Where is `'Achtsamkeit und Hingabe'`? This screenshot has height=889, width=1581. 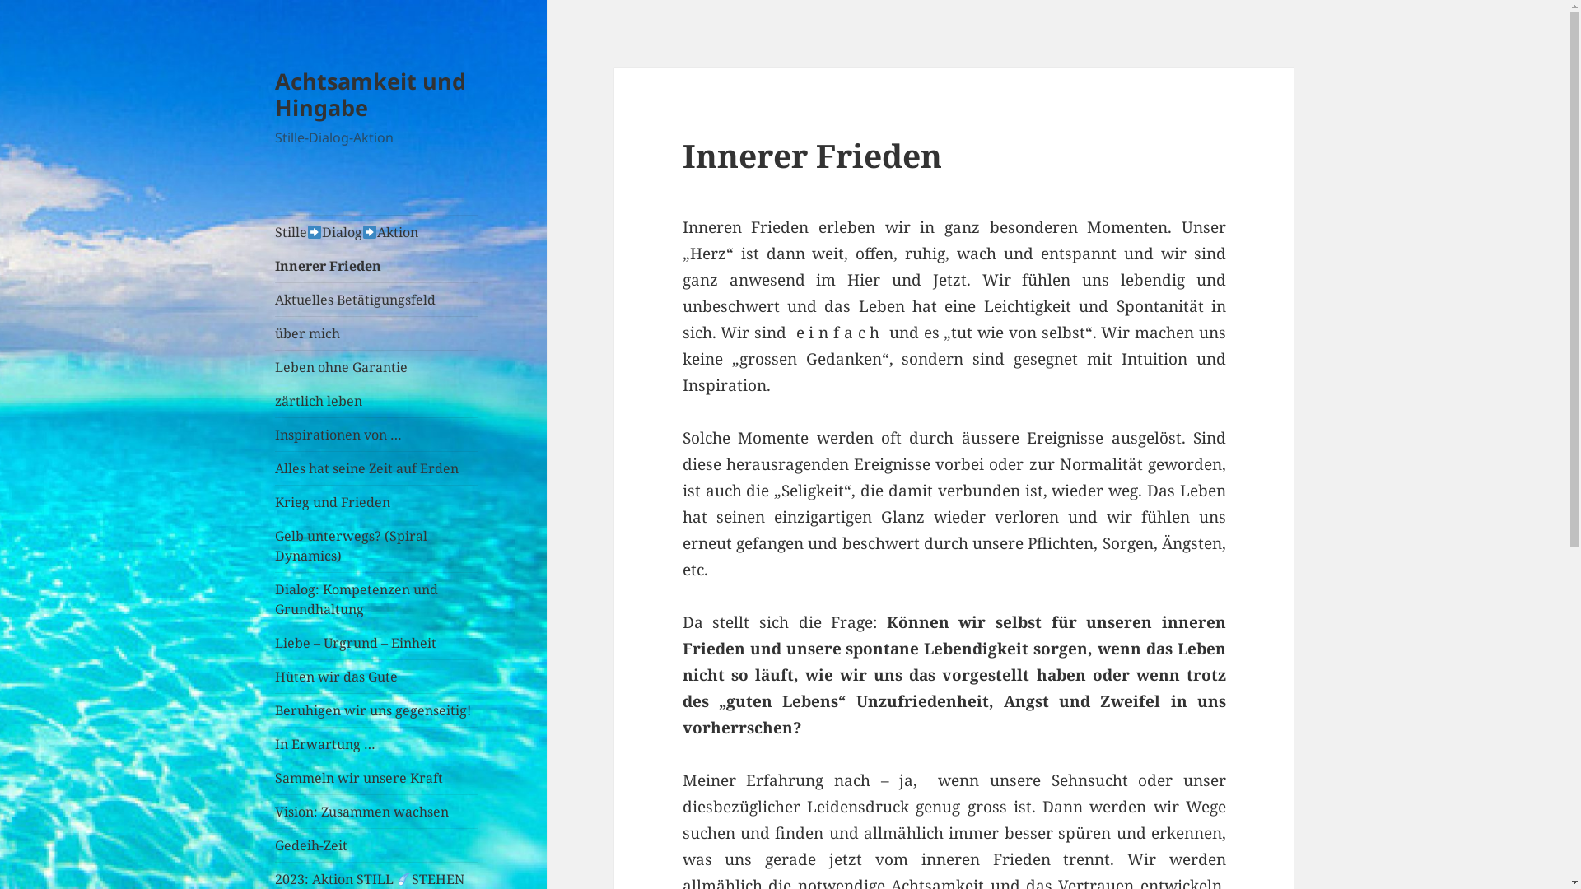 'Achtsamkeit und Hingabe' is located at coordinates (275, 94).